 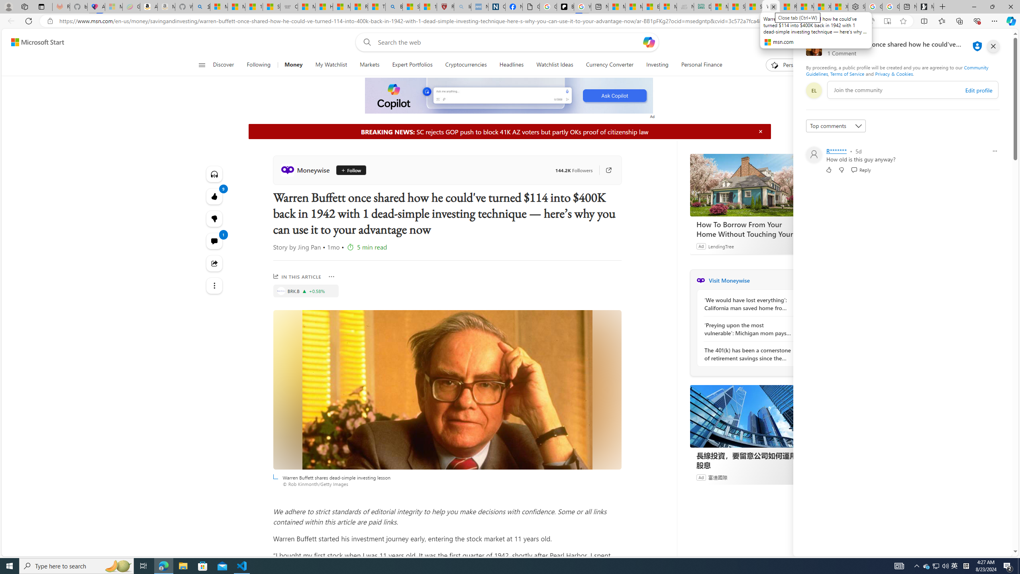 I want to click on 'Go to publisher', so click(x=604, y=169).